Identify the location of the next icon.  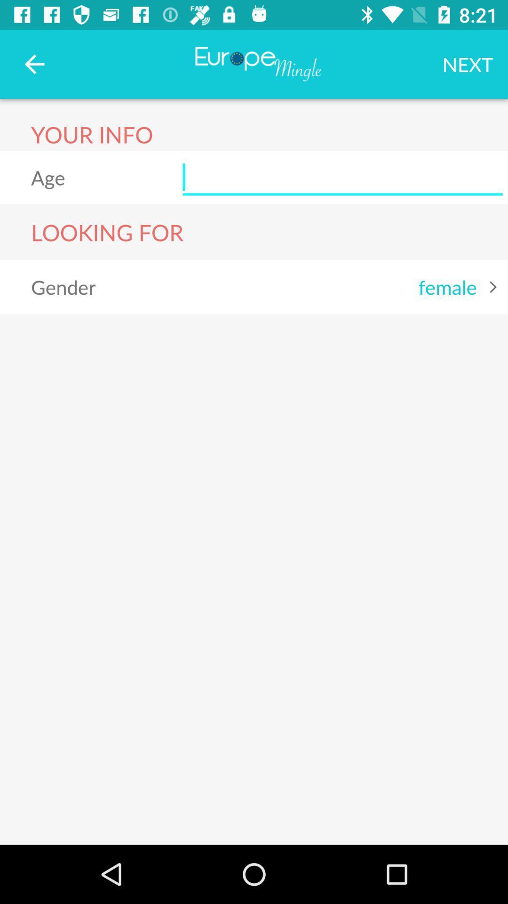
(468, 64).